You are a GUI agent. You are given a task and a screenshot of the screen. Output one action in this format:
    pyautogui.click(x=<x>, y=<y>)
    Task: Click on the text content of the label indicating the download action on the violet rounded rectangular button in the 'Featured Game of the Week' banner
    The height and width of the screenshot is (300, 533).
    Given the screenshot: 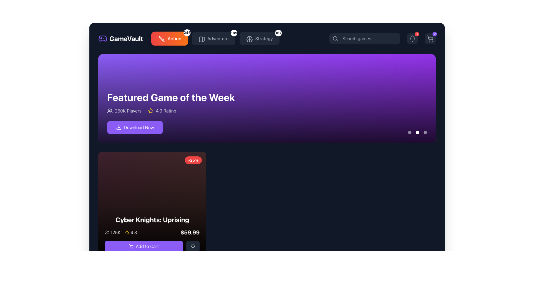 What is the action you would take?
    pyautogui.click(x=139, y=127)
    